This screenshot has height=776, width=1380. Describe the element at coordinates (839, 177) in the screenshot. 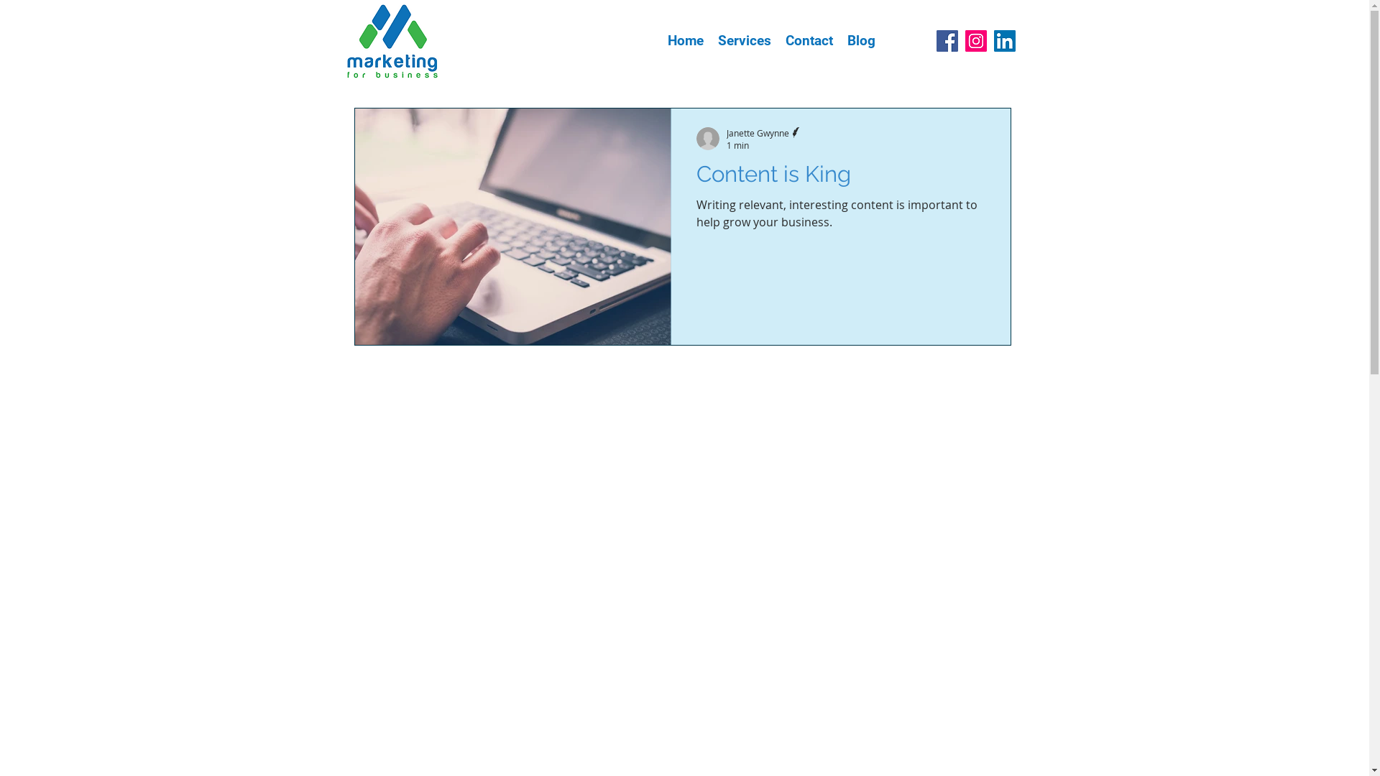

I see `'Content is King'` at that location.